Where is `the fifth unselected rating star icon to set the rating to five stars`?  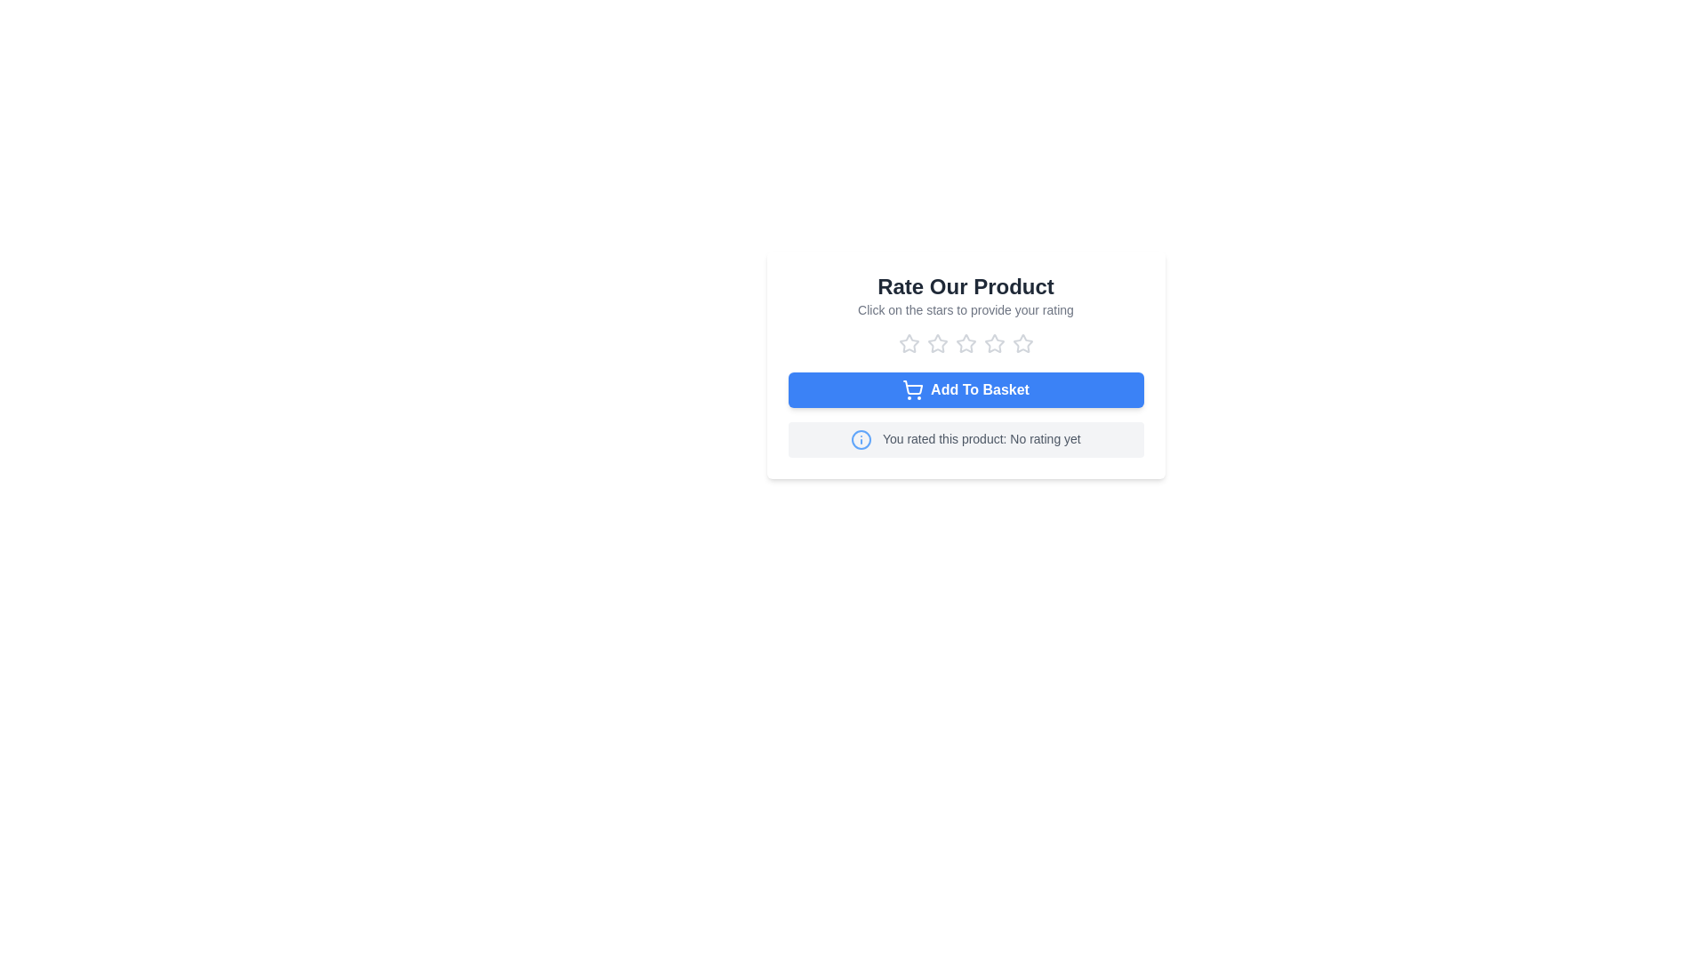 the fifth unselected rating star icon to set the rating to five stars is located at coordinates (1022, 343).